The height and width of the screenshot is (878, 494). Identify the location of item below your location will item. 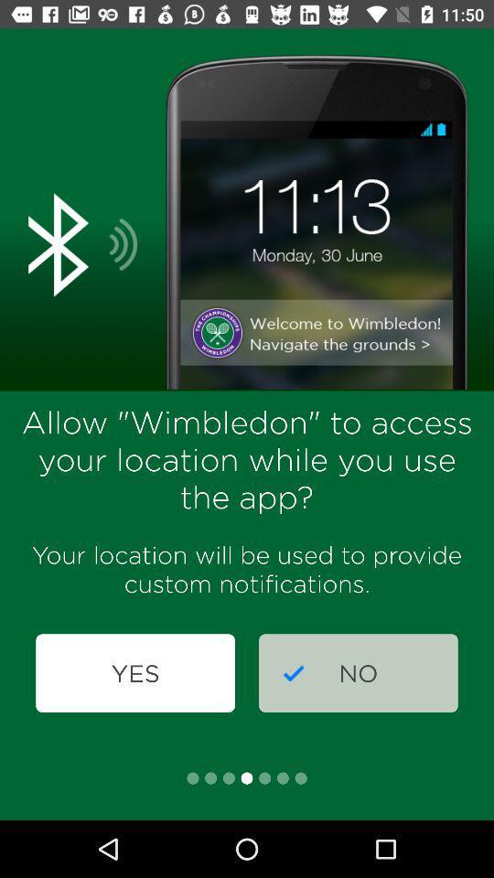
(134, 672).